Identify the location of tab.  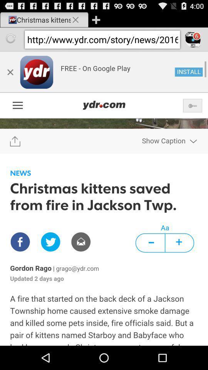
(96, 19).